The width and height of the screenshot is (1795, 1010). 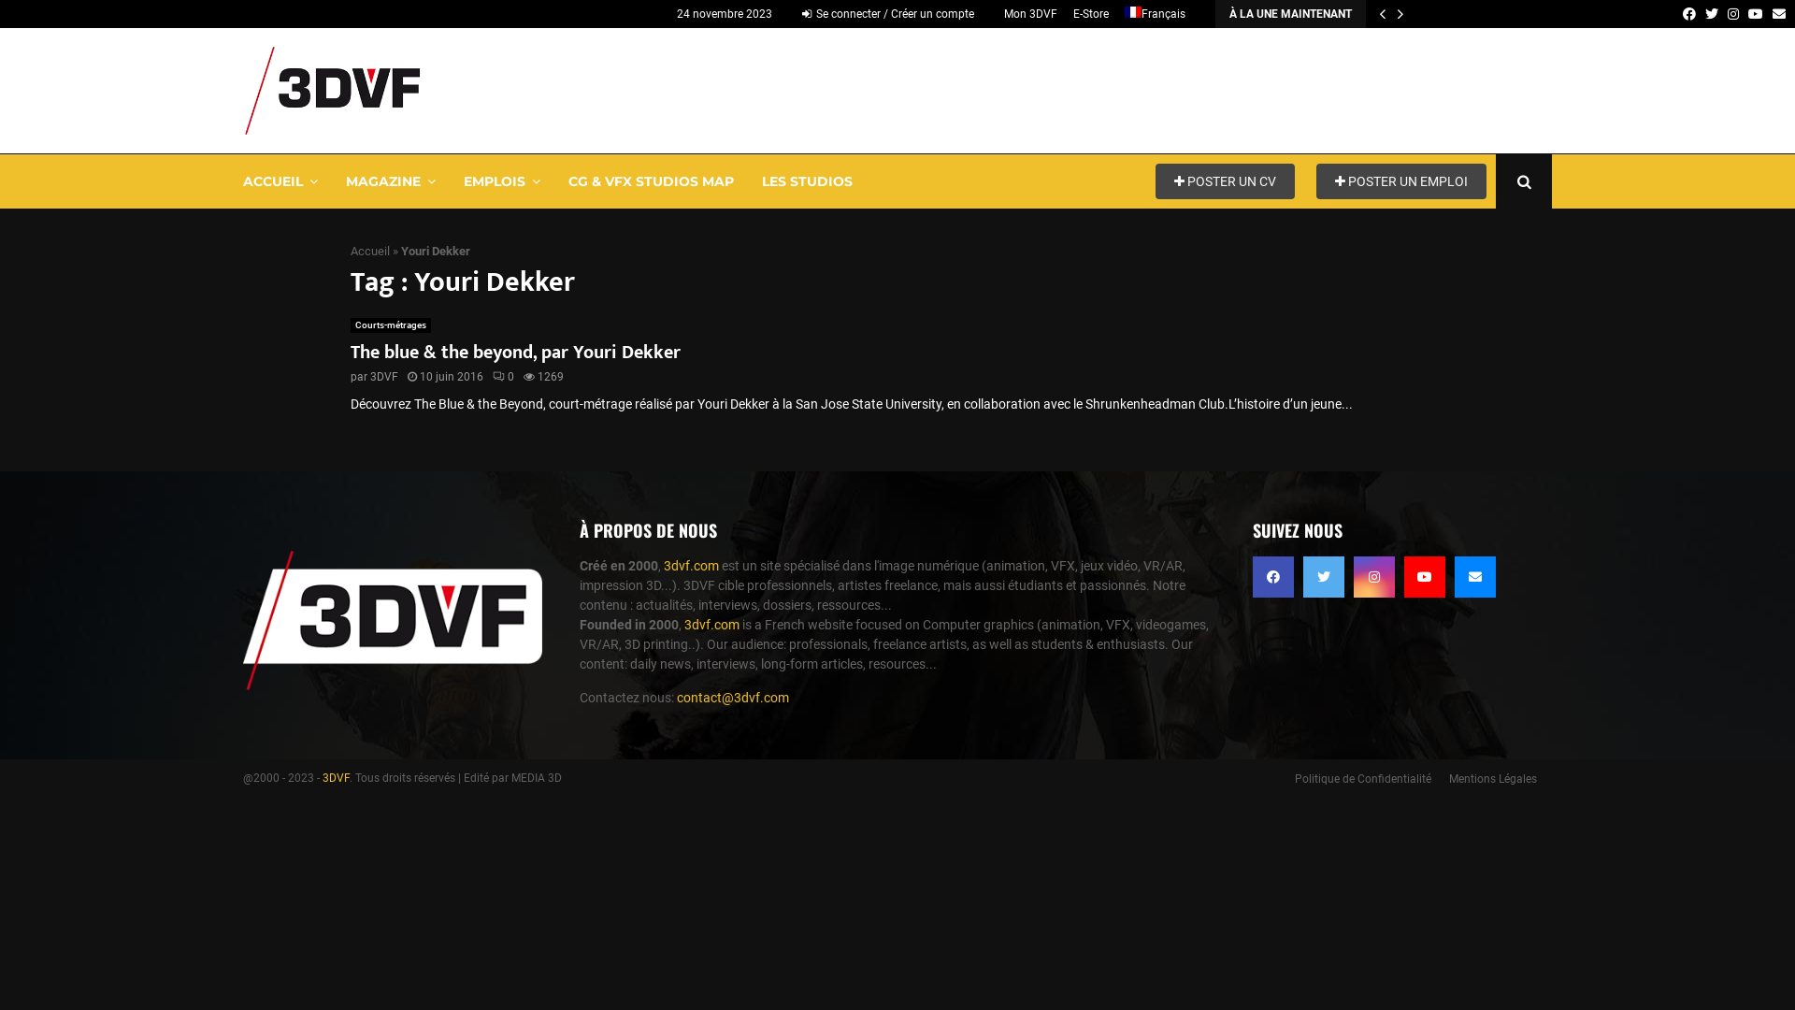 I want to click on 'POSTER UN CV', so click(x=1225, y=180).